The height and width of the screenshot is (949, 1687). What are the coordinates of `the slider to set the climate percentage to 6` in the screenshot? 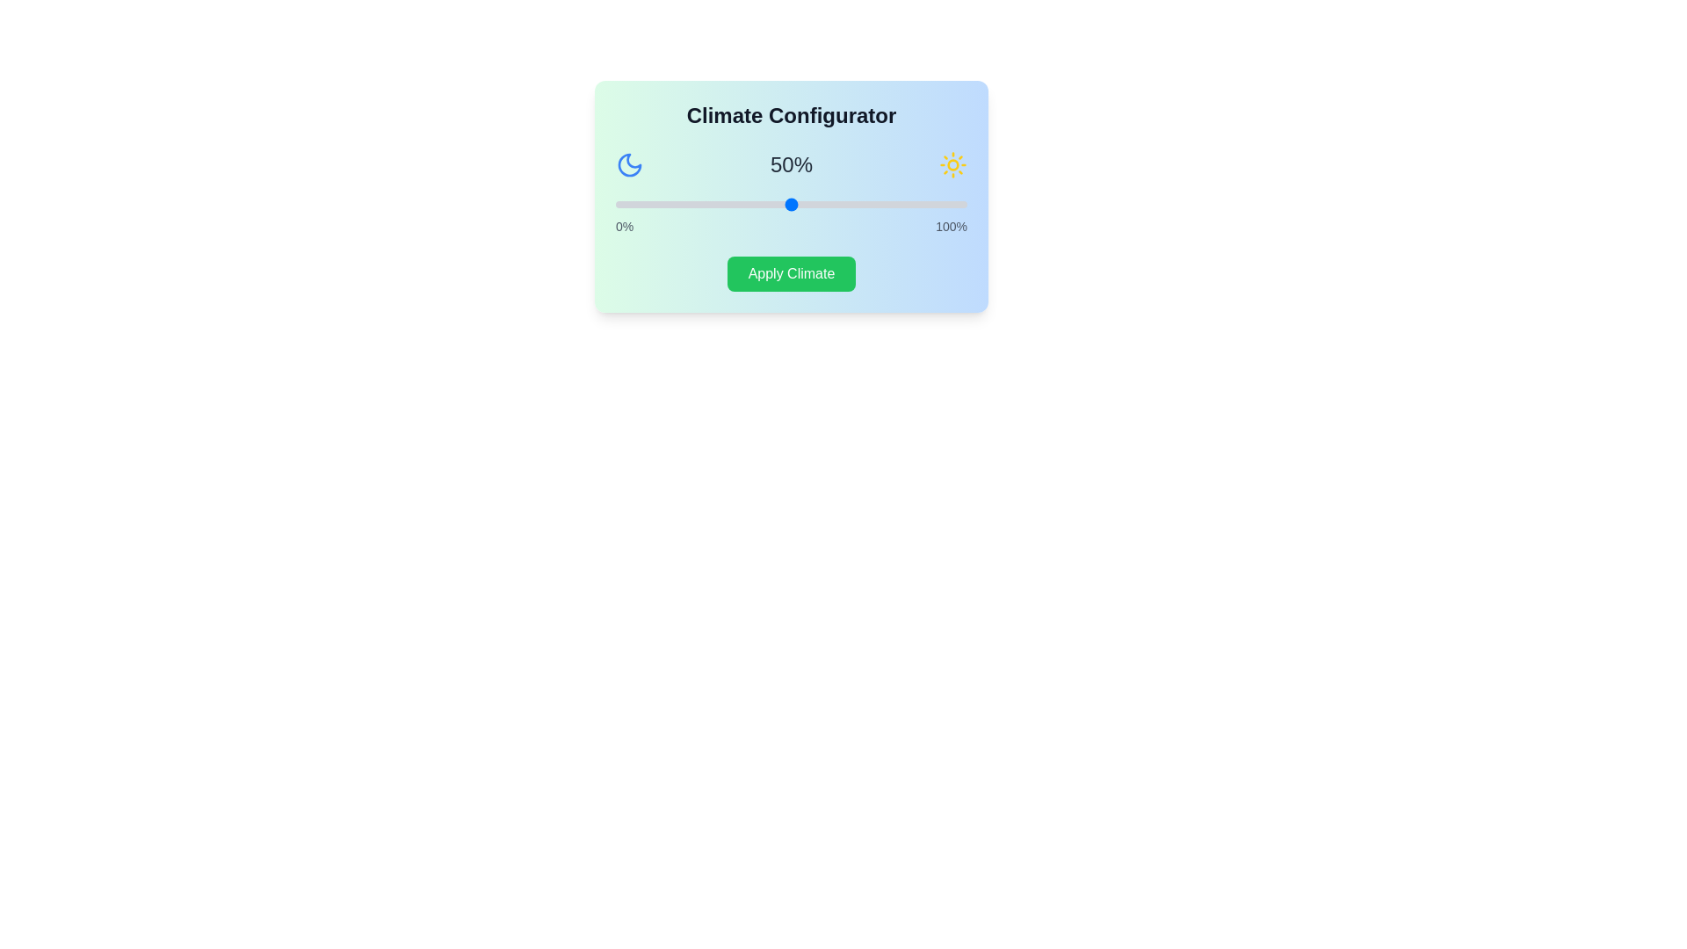 It's located at (635, 203).